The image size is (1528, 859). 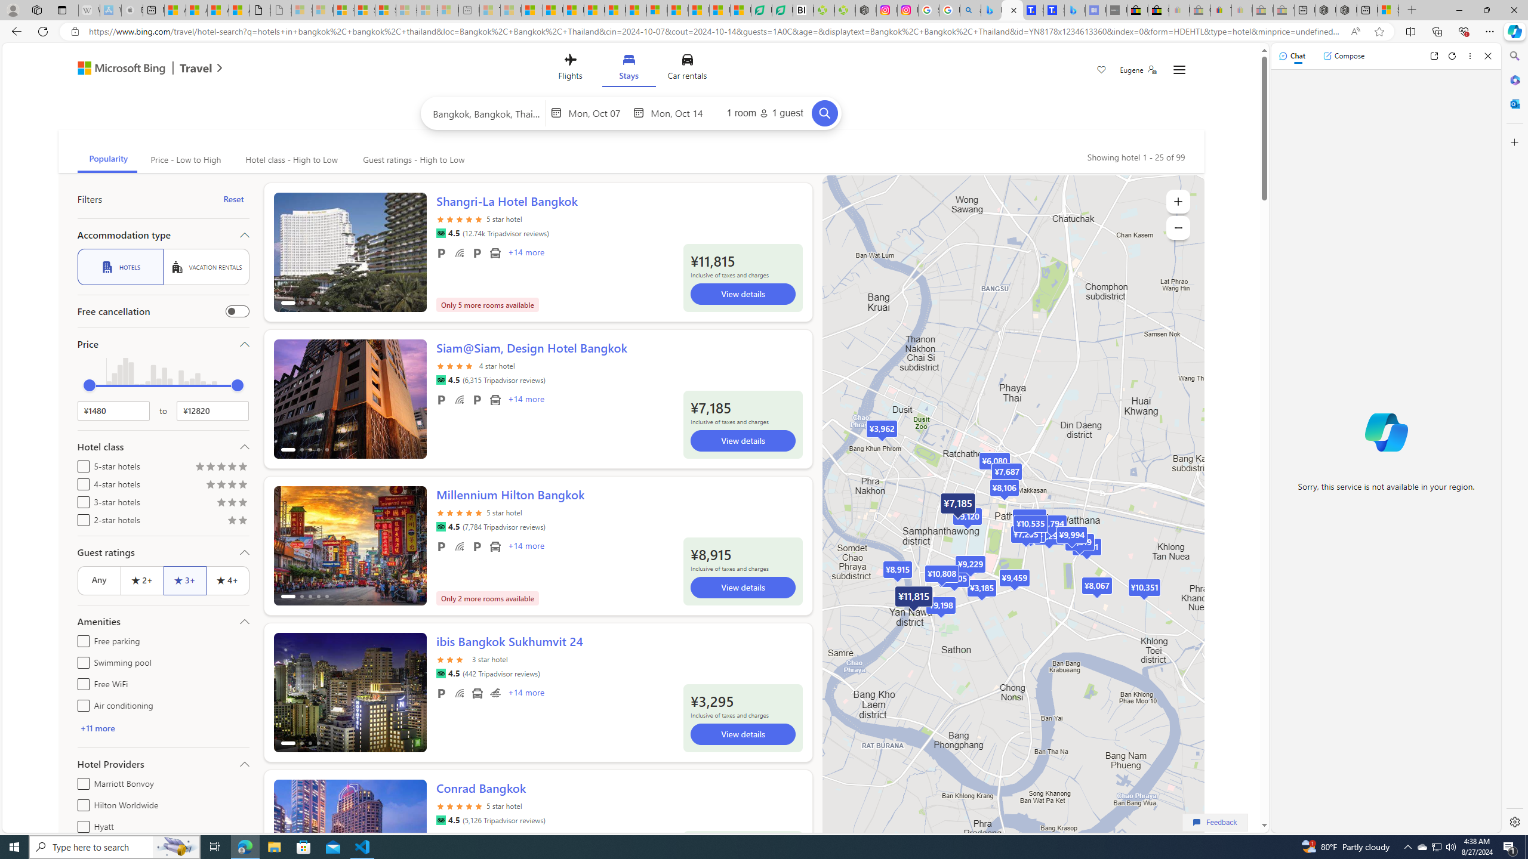 I want to click on '3-star hotels', so click(x=80, y=500).